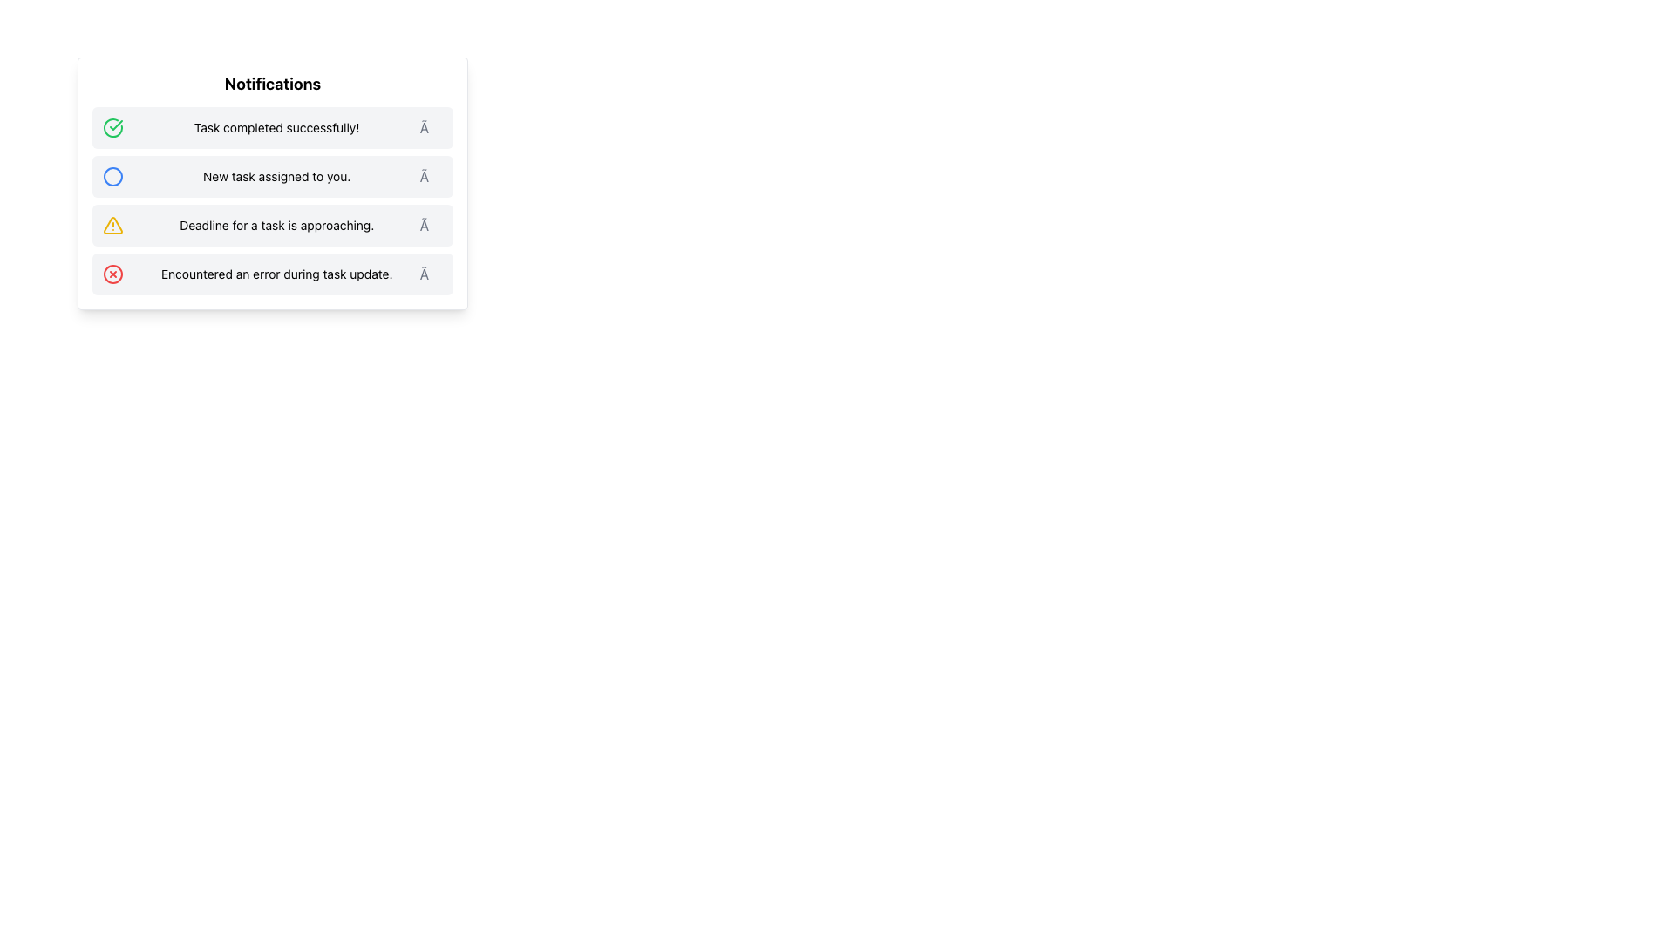  I want to click on the dismiss button located at the far right of the error notification message that states 'Encountered an error during task update.', so click(431, 274).